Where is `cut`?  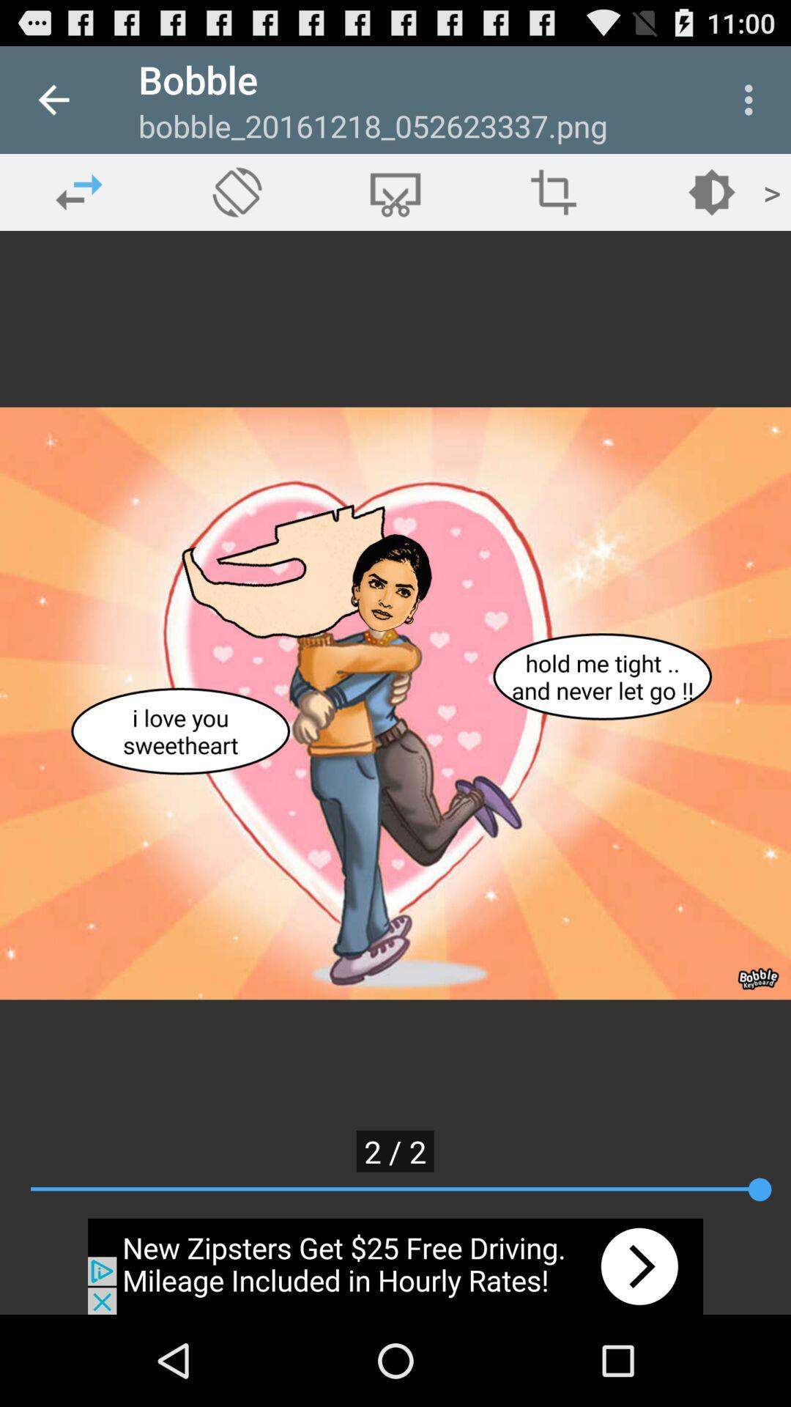 cut is located at coordinates (395, 191).